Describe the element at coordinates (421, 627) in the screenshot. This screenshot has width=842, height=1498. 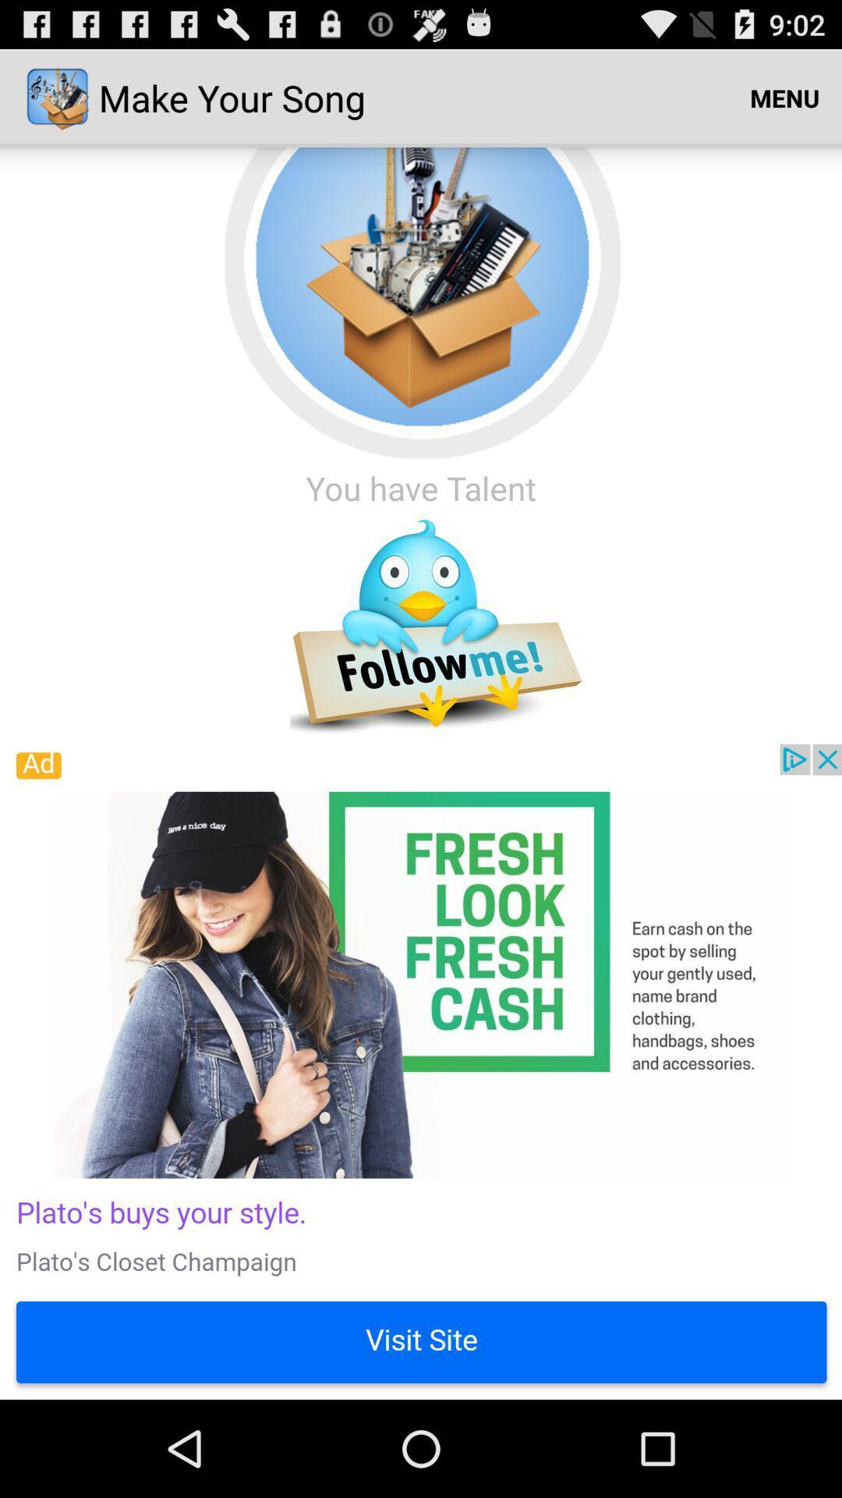
I see `follow` at that location.